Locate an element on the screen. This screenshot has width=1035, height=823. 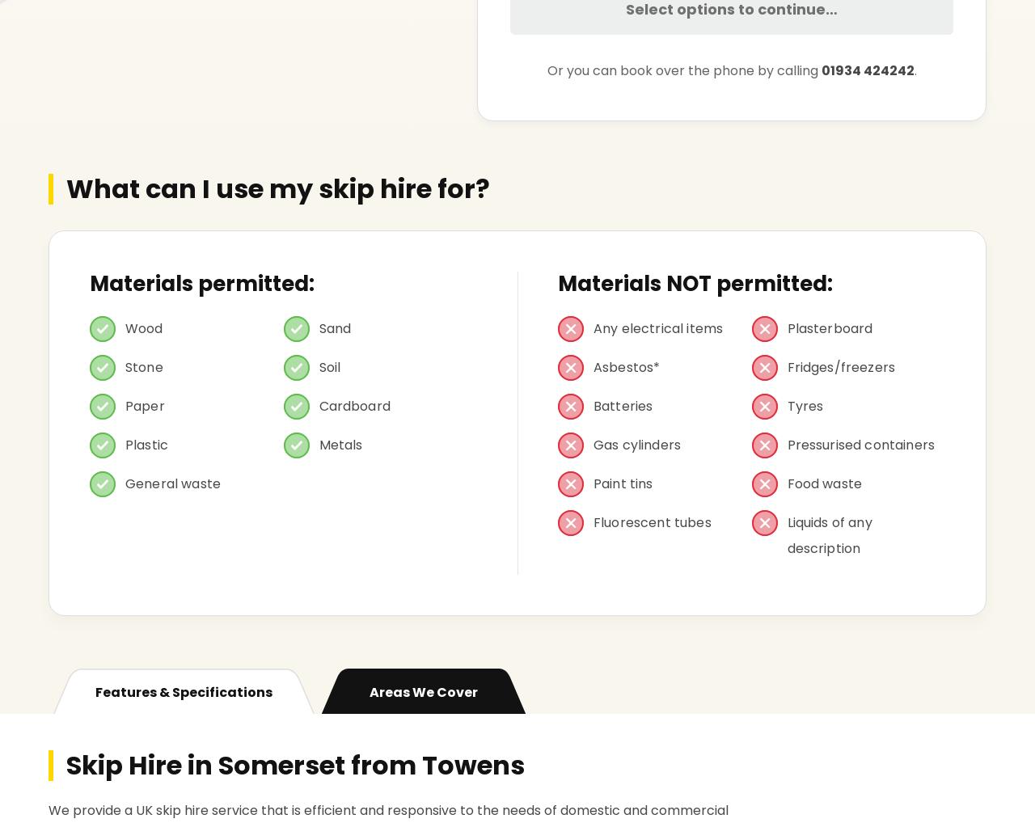
'Or you can book over the phone by calling' is located at coordinates (546, 70).